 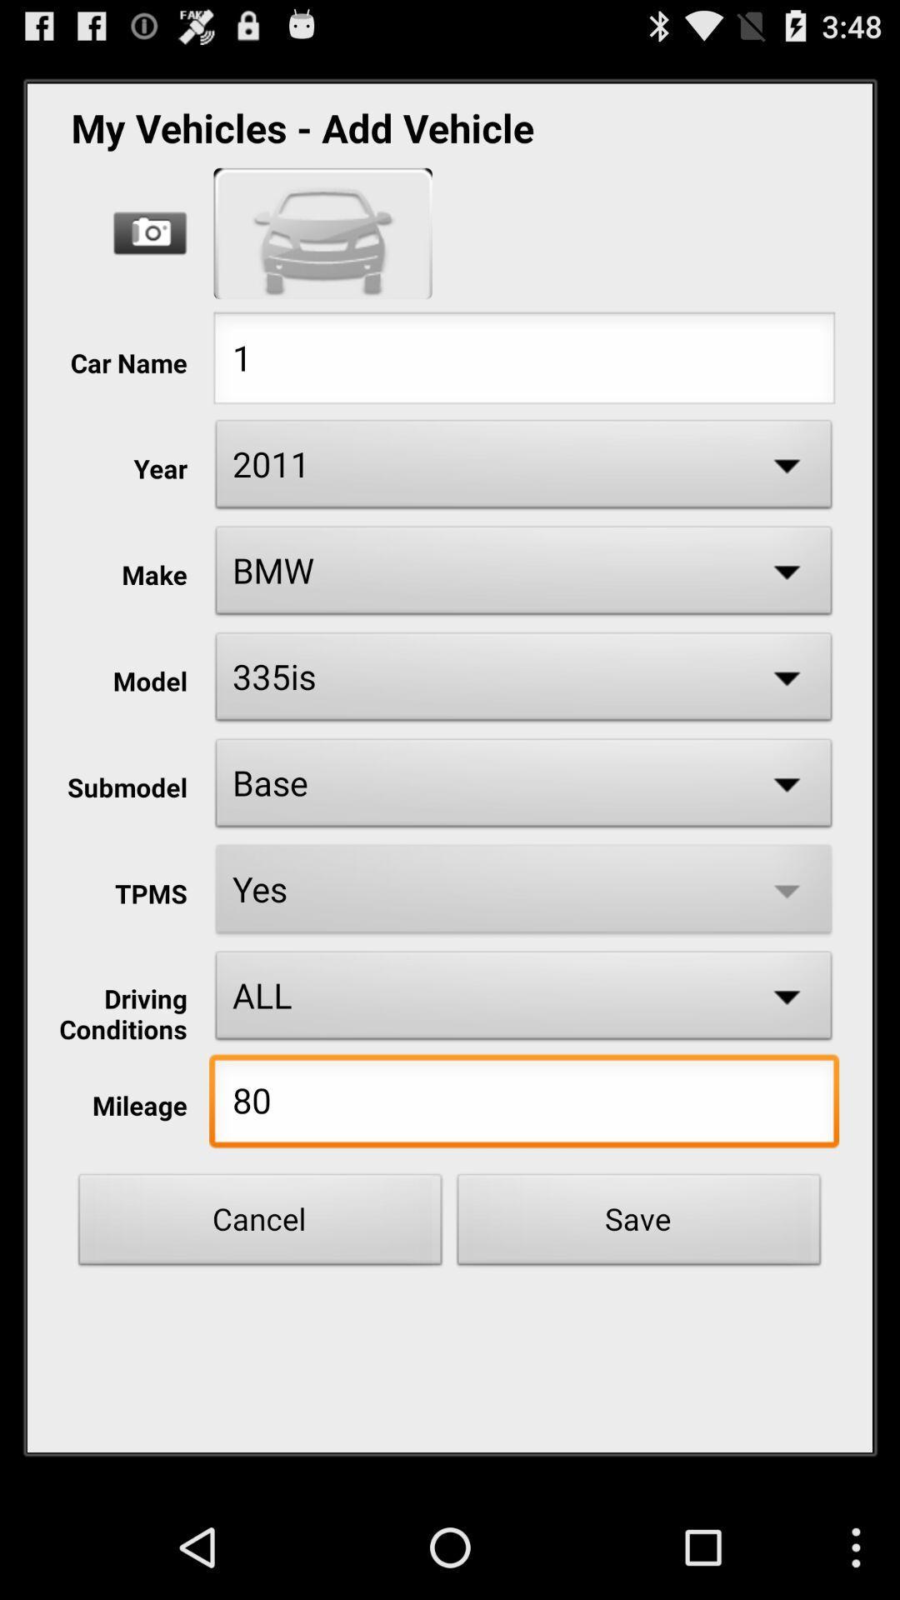 I want to click on camera, so click(x=150, y=232).